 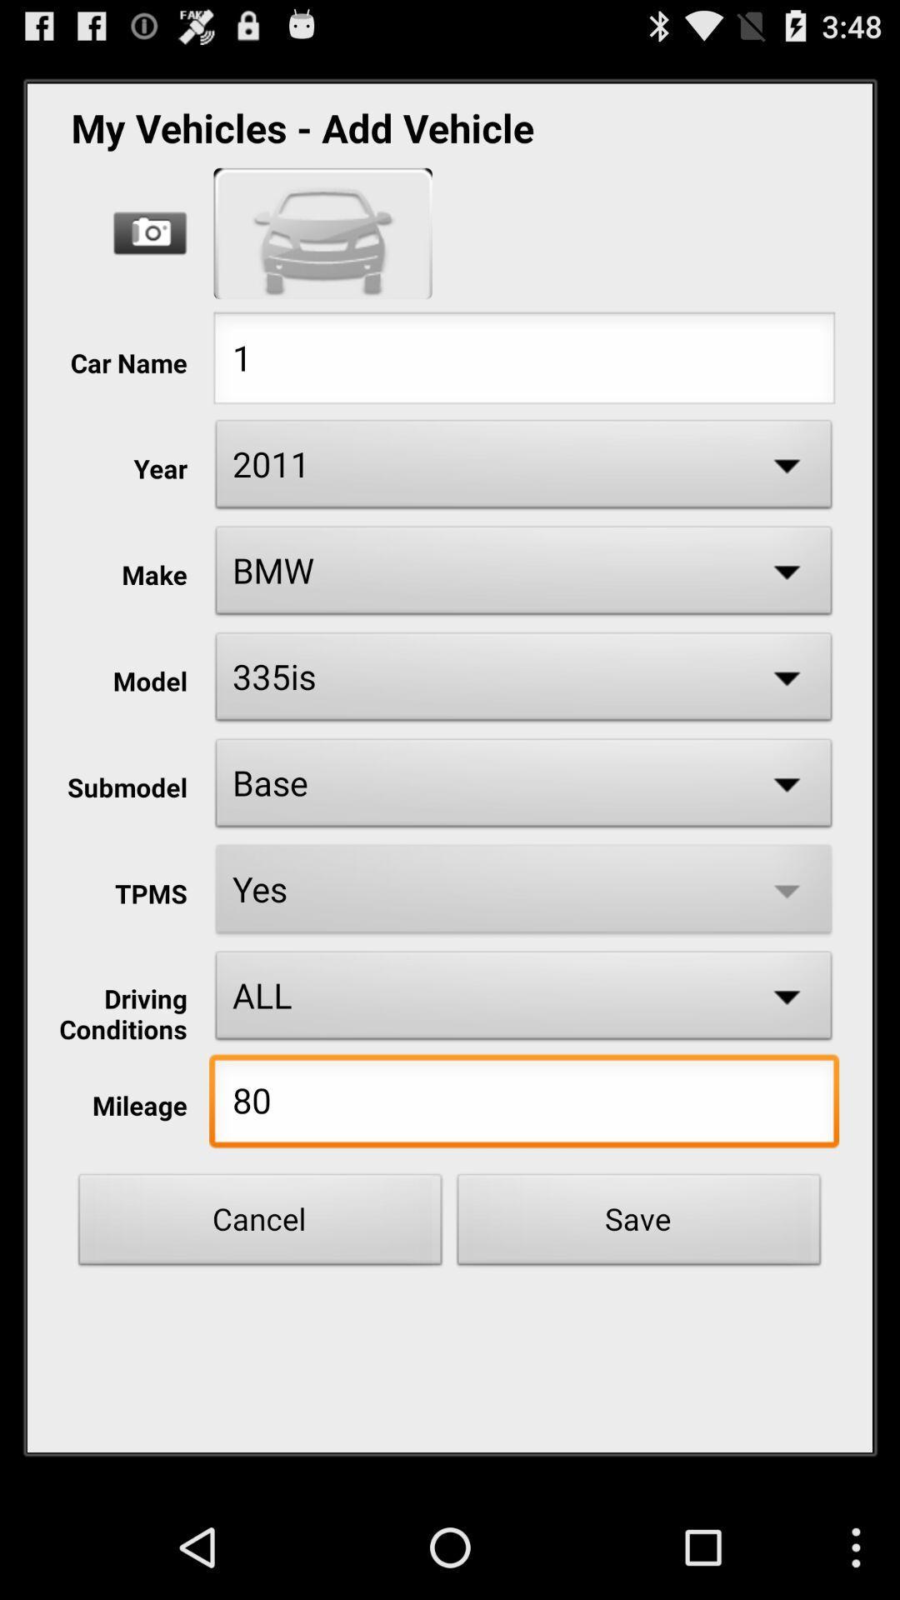 I want to click on camera, so click(x=150, y=232).